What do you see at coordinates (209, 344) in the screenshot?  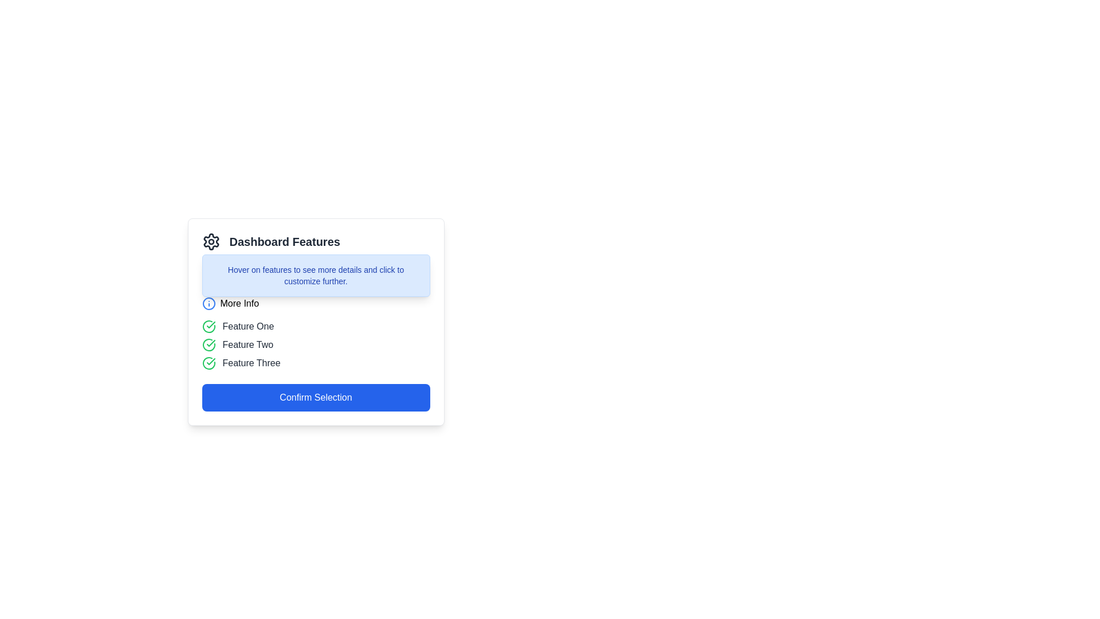 I see `the circular green outlined icon with a checkmark` at bounding box center [209, 344].